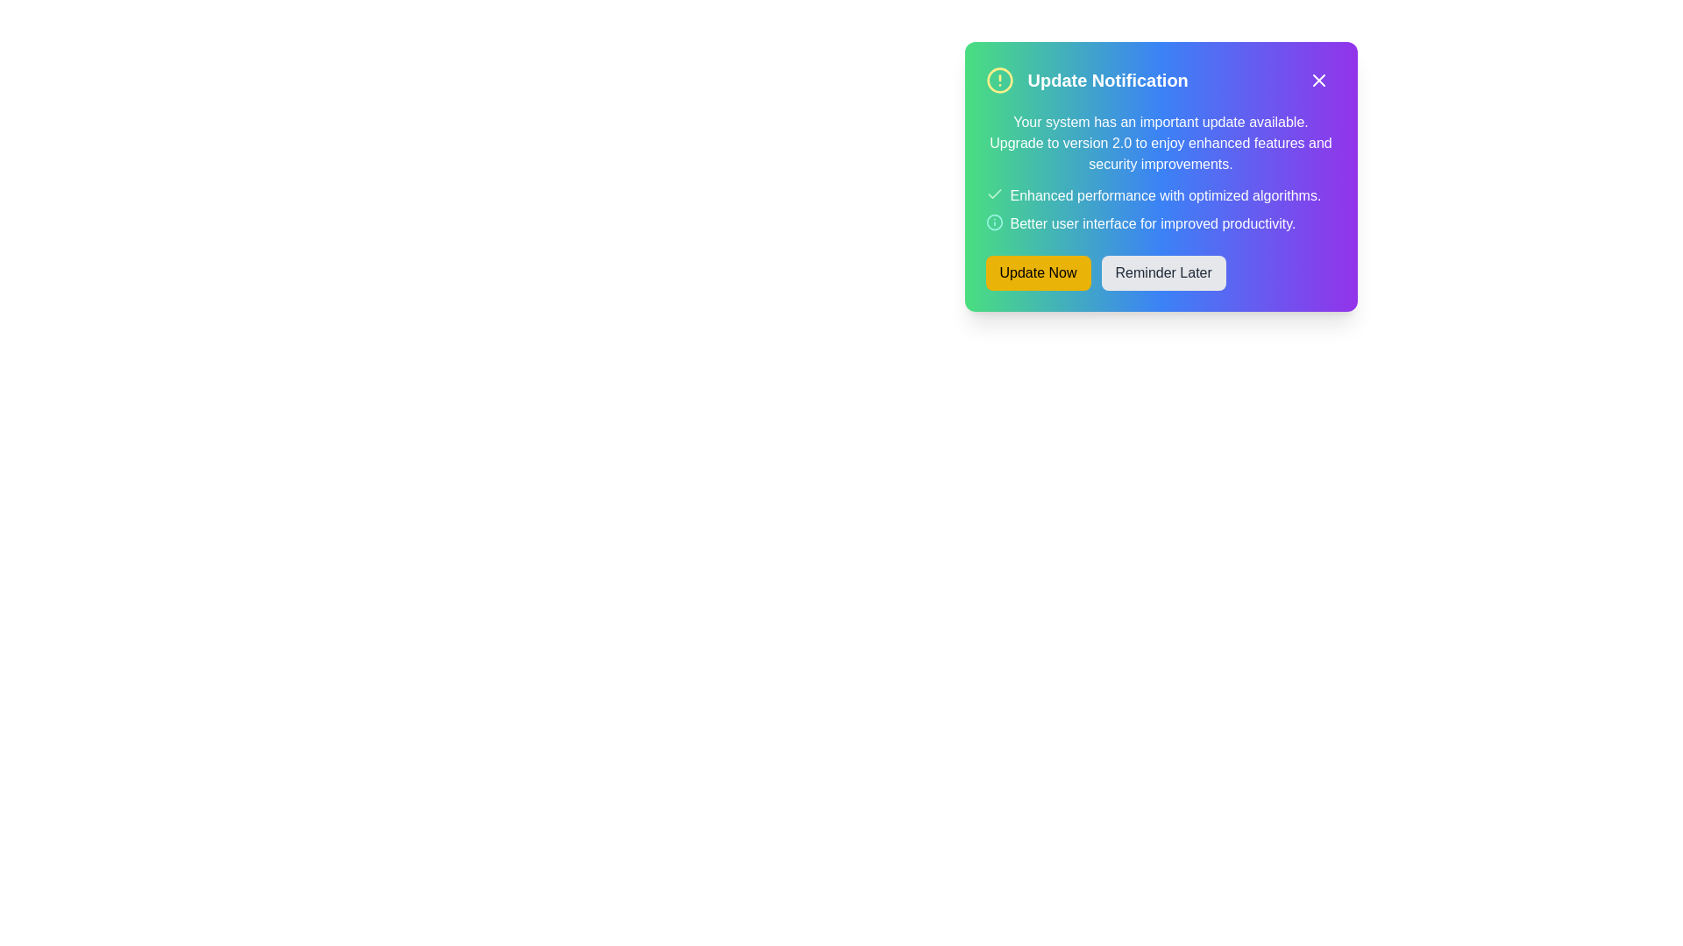  I want to click on the visual indicator icon located to the left of the text 'Enhanced performance with optimized algorithms' in the bullet list under 'Update Notification', so click(994, 194).